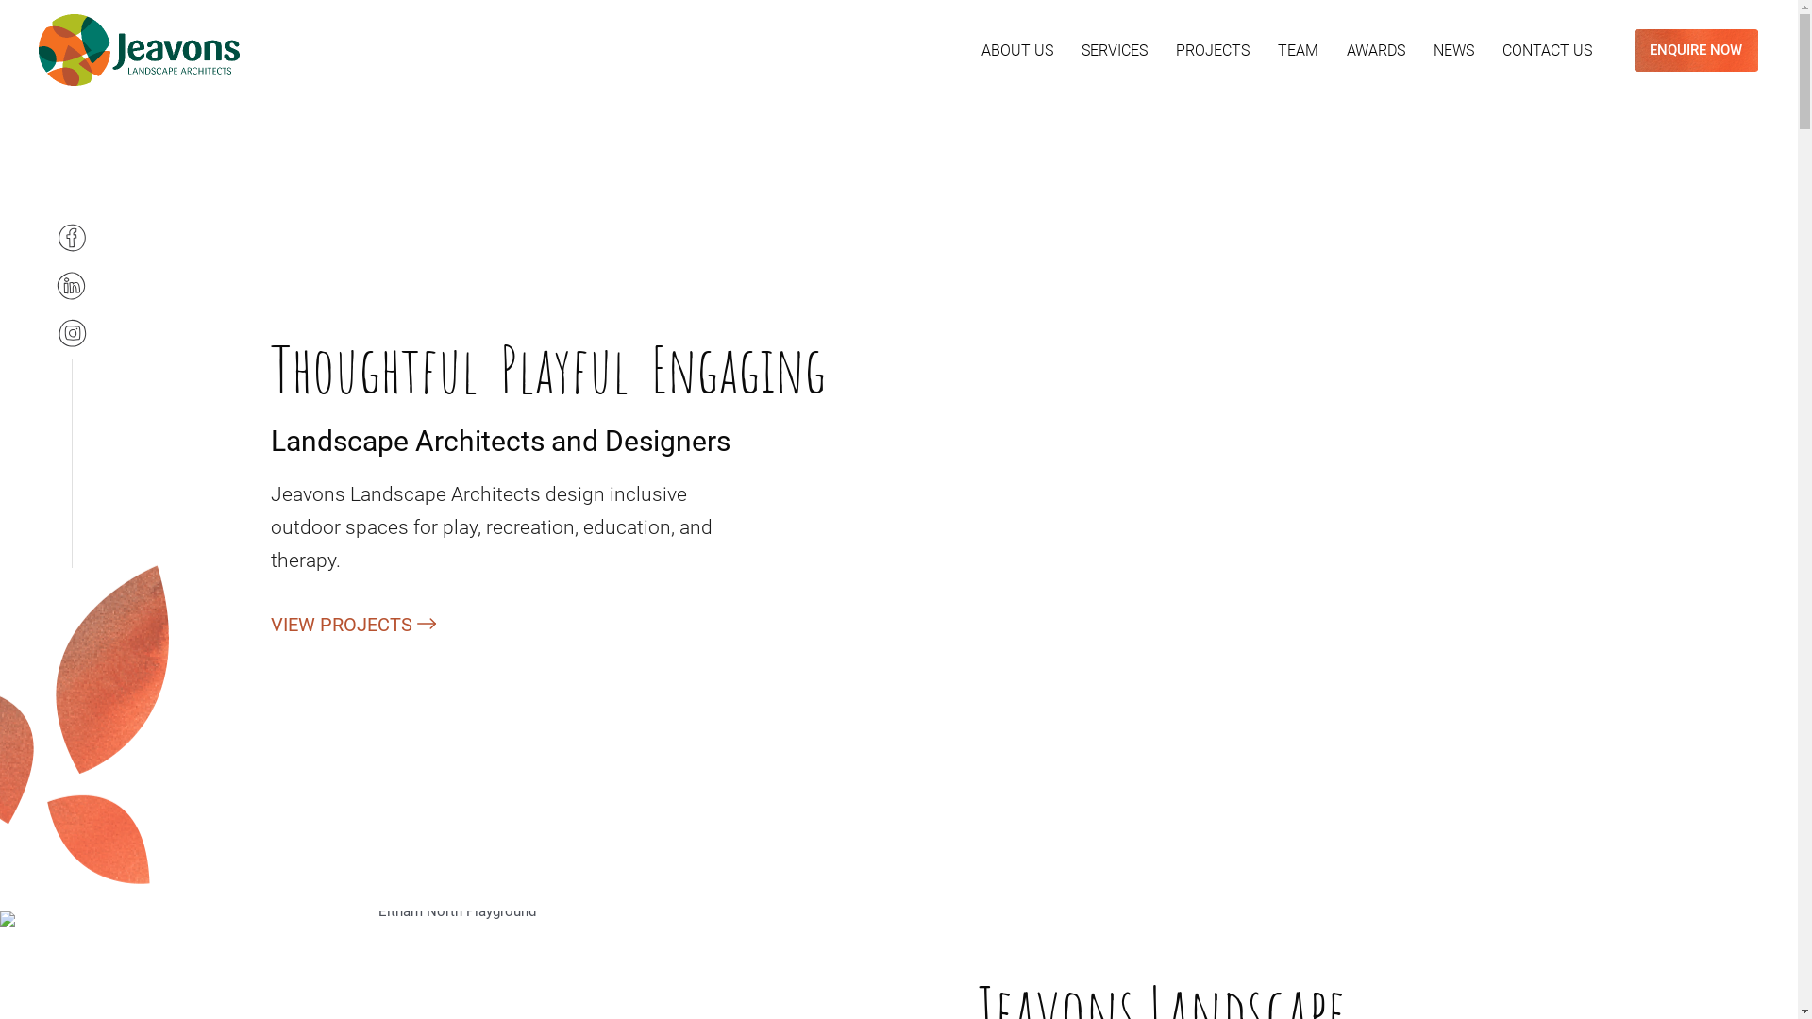  I want to click on 'AWARDS', so click(1376, 49).